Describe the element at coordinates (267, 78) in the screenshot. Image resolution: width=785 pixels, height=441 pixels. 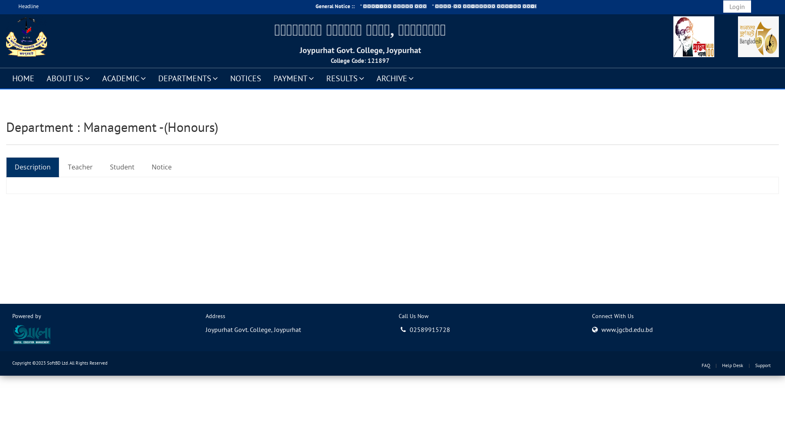
I see `'PAYMENT'` at that location.